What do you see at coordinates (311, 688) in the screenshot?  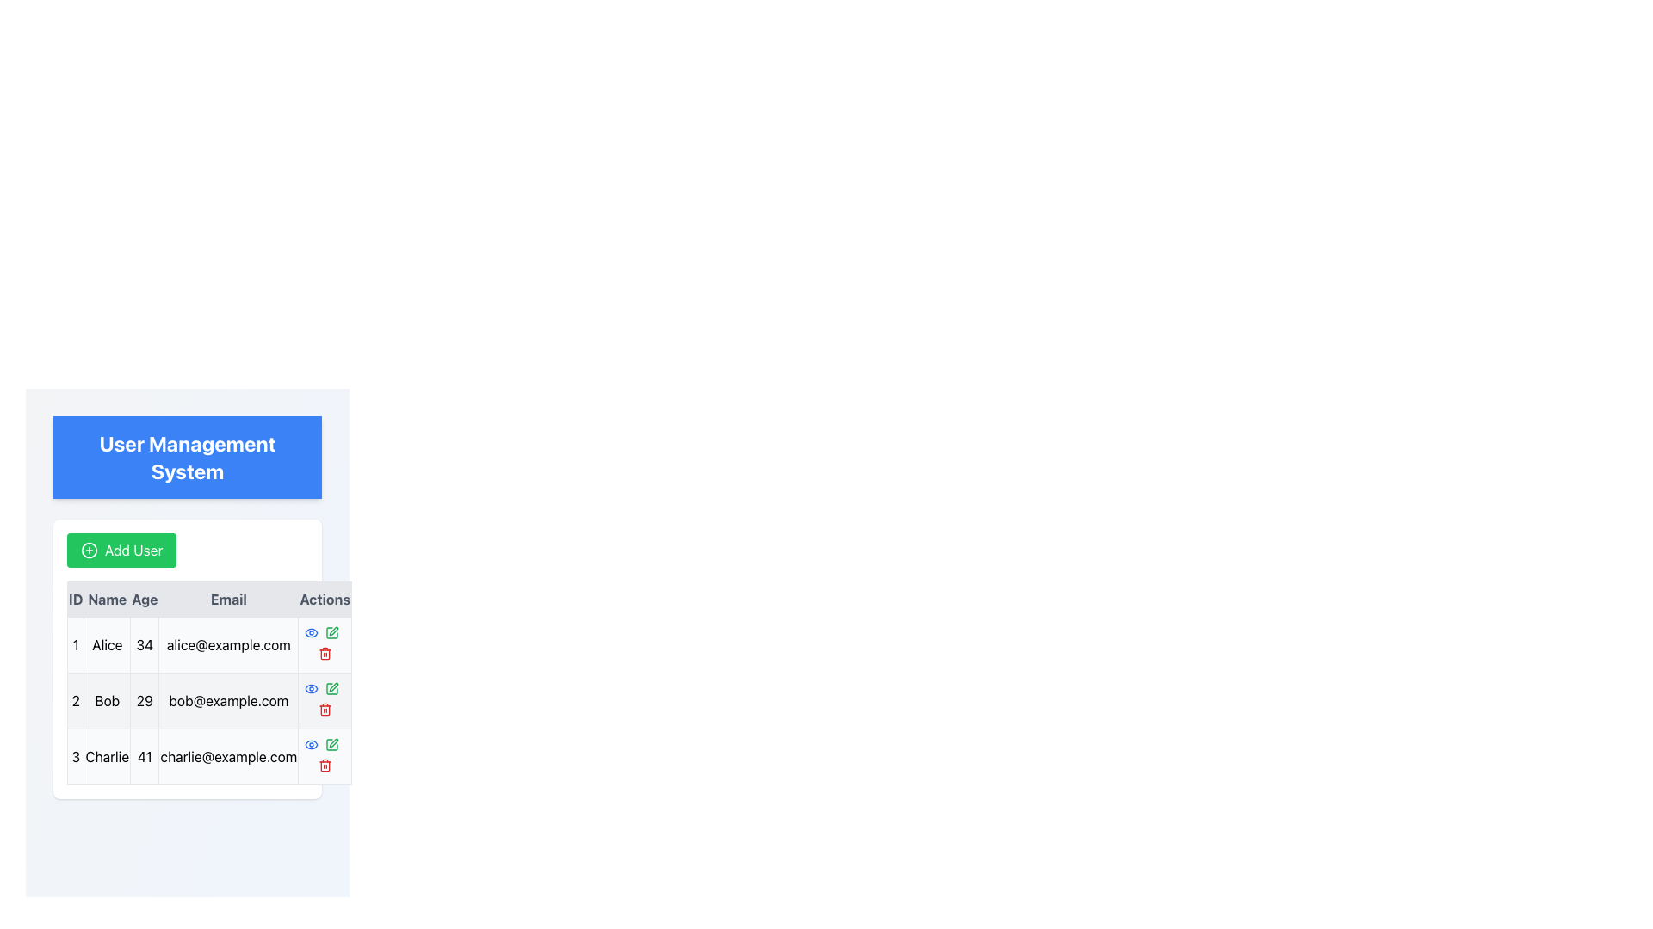 I see `the blue eye icon button in the 'Actions' column associated with the user 'alice@example.com'` at bounding box center [311, 688].